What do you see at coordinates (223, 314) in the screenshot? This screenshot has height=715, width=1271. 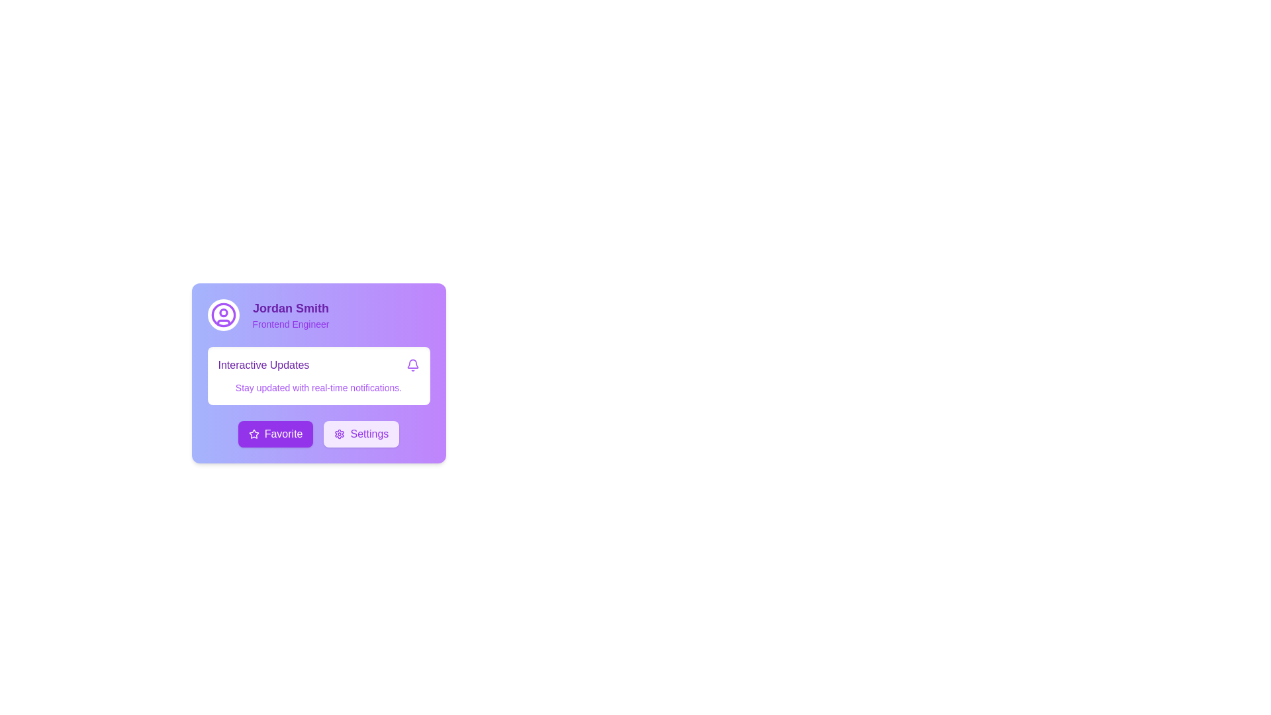 I see `the SVG circle graphic, which is the largest circle forming the outer boundary of the purple user icon on the left side of the interface` at bounding box center [223, 314].